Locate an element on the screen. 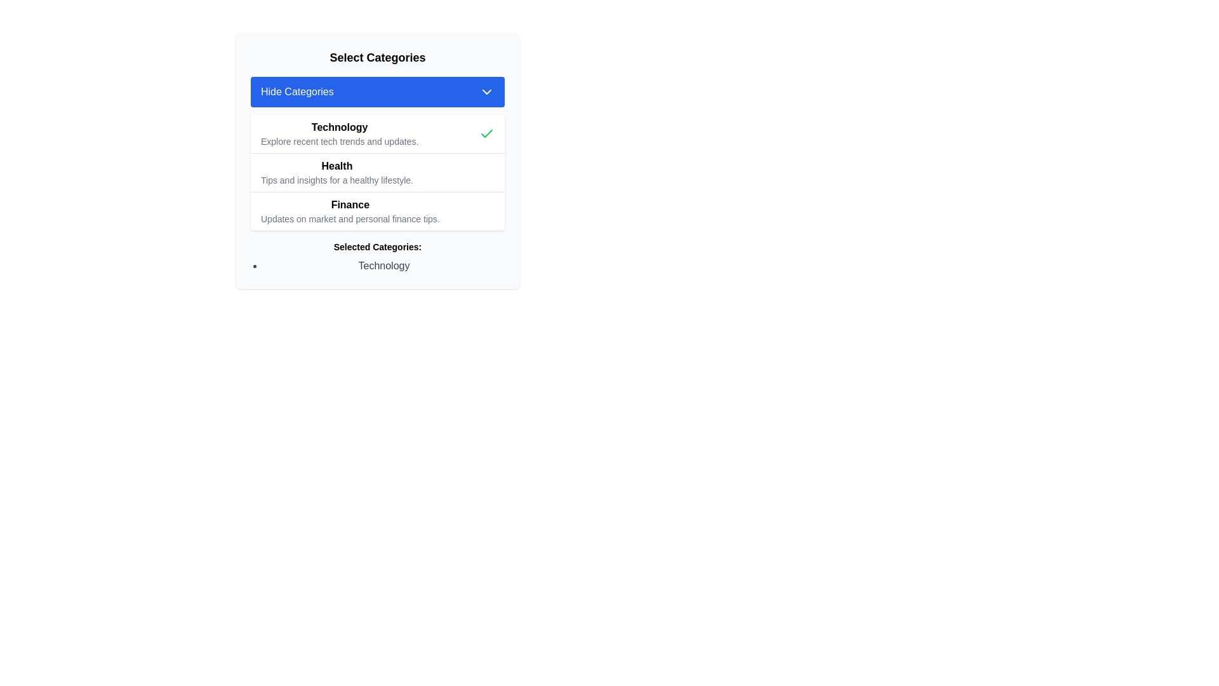 The width and height of the screenshot is (1219, 686). the checkmark icon, which is an SVG graphic element with a green stroke color, located in the right section of the 'Technology' category item is located at coordinates (486, 133).